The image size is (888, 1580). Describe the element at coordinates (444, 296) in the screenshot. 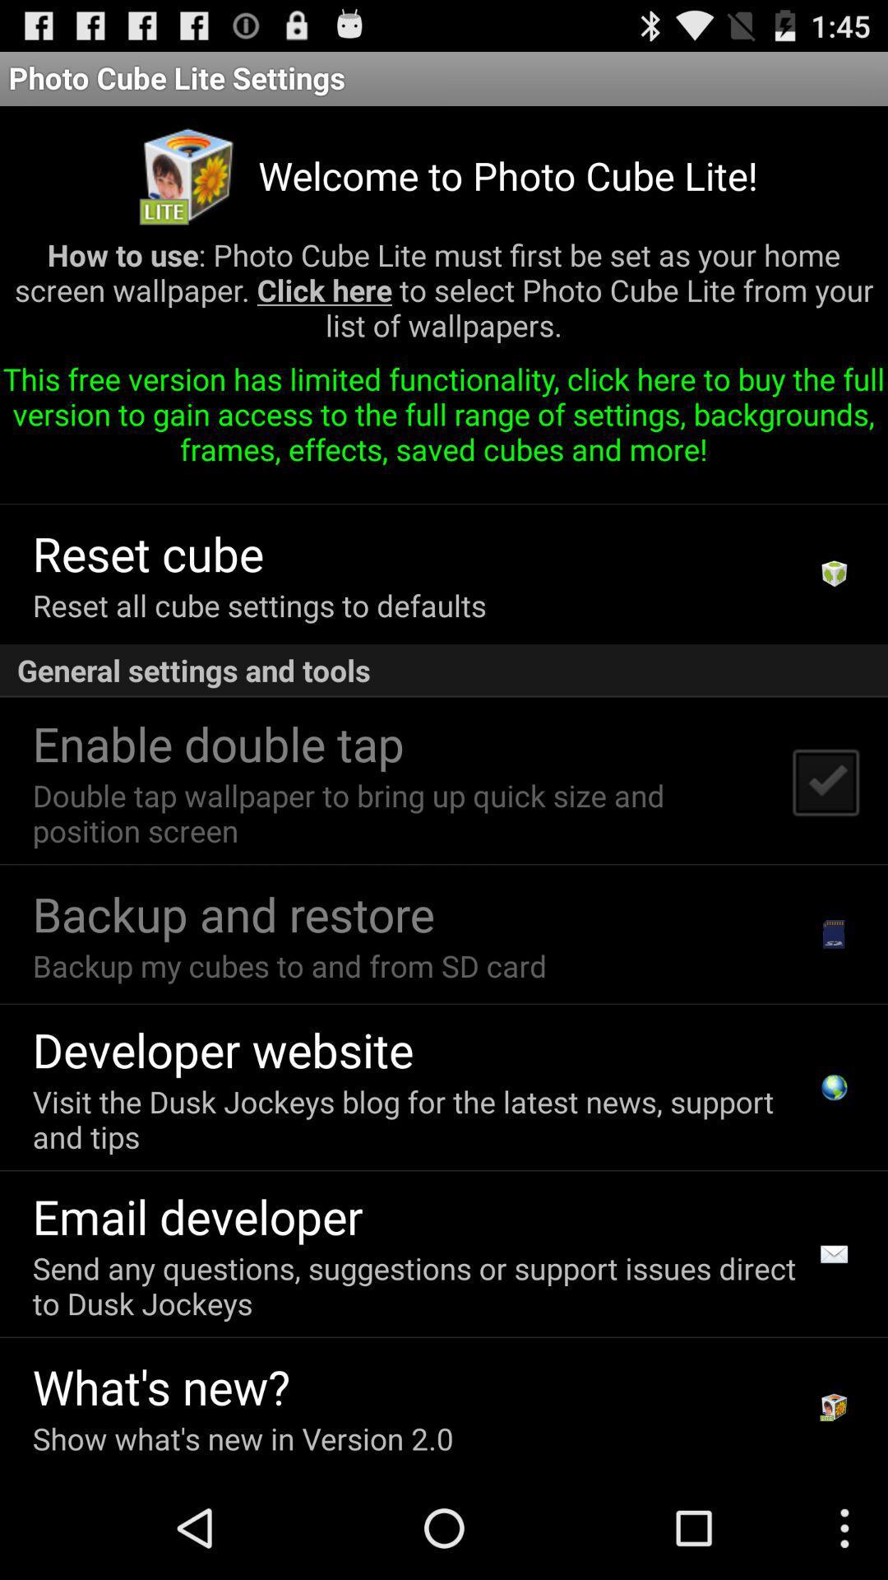

I see `icon below welcome to photo app` at that location.